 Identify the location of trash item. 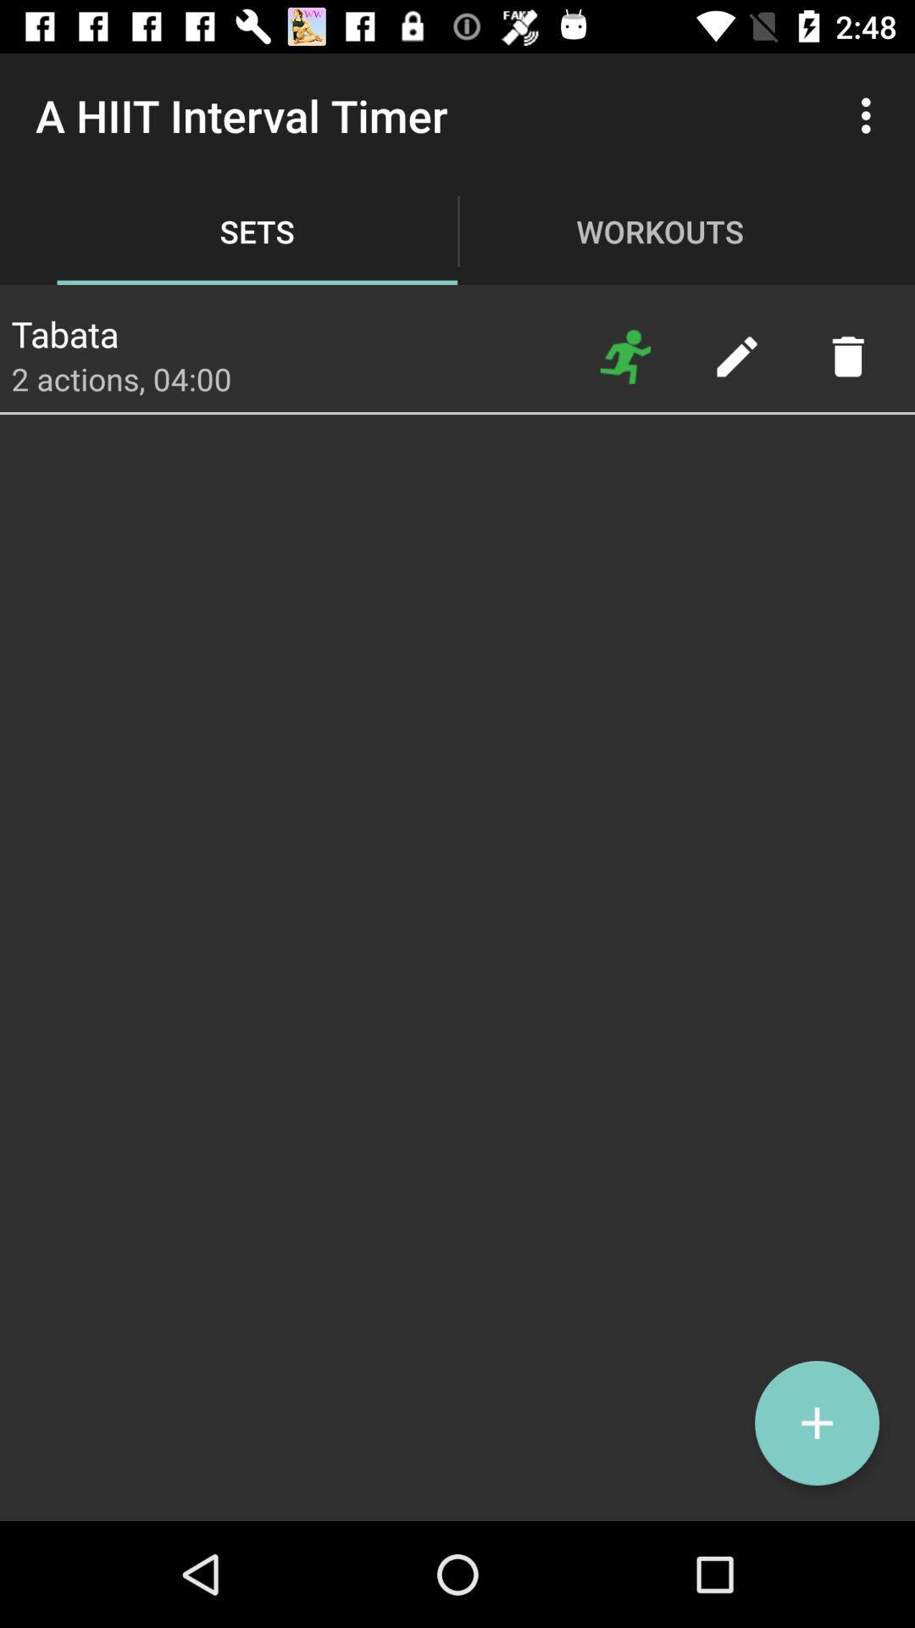
(847, 355).